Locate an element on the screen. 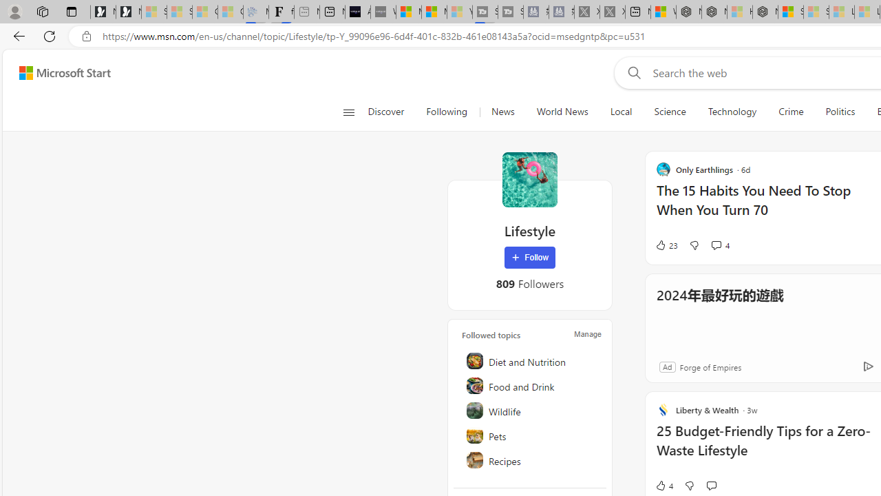 The height and width of the screenshot is (496, 881). 'Lifestyle' is located at coordinates (529, 179).